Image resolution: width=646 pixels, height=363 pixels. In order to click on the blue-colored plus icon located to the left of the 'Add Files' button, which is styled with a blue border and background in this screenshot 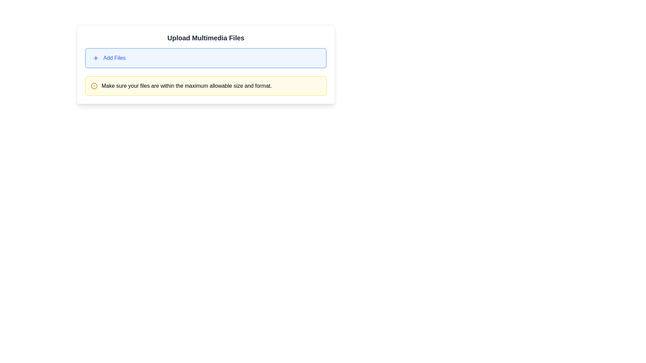, I will do `click(95, 58)`.